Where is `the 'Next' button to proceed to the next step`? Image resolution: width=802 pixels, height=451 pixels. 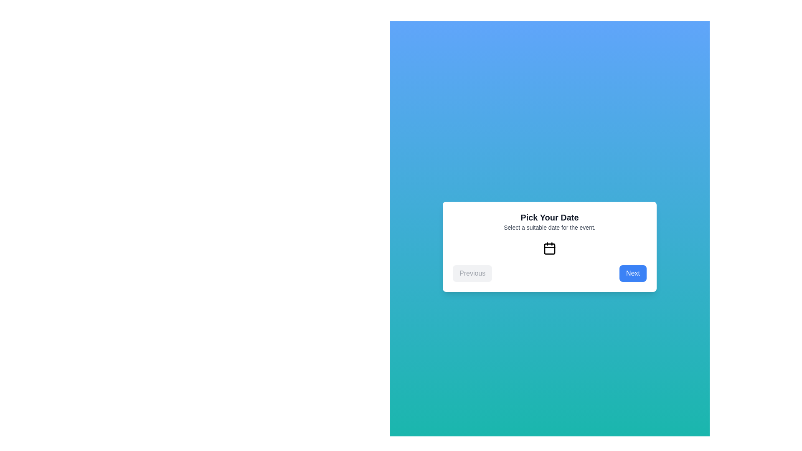
the 'Next' button to proceed to the next step is located at coordinates (633, 274).